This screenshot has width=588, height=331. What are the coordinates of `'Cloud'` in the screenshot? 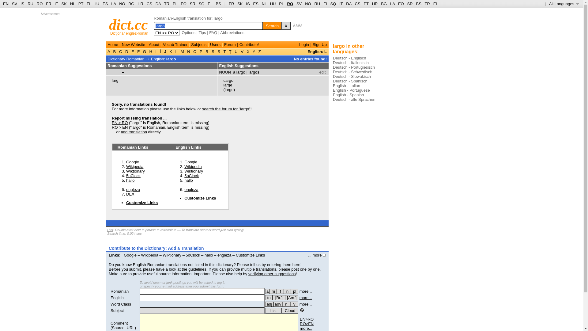 It's located at (289, 310).